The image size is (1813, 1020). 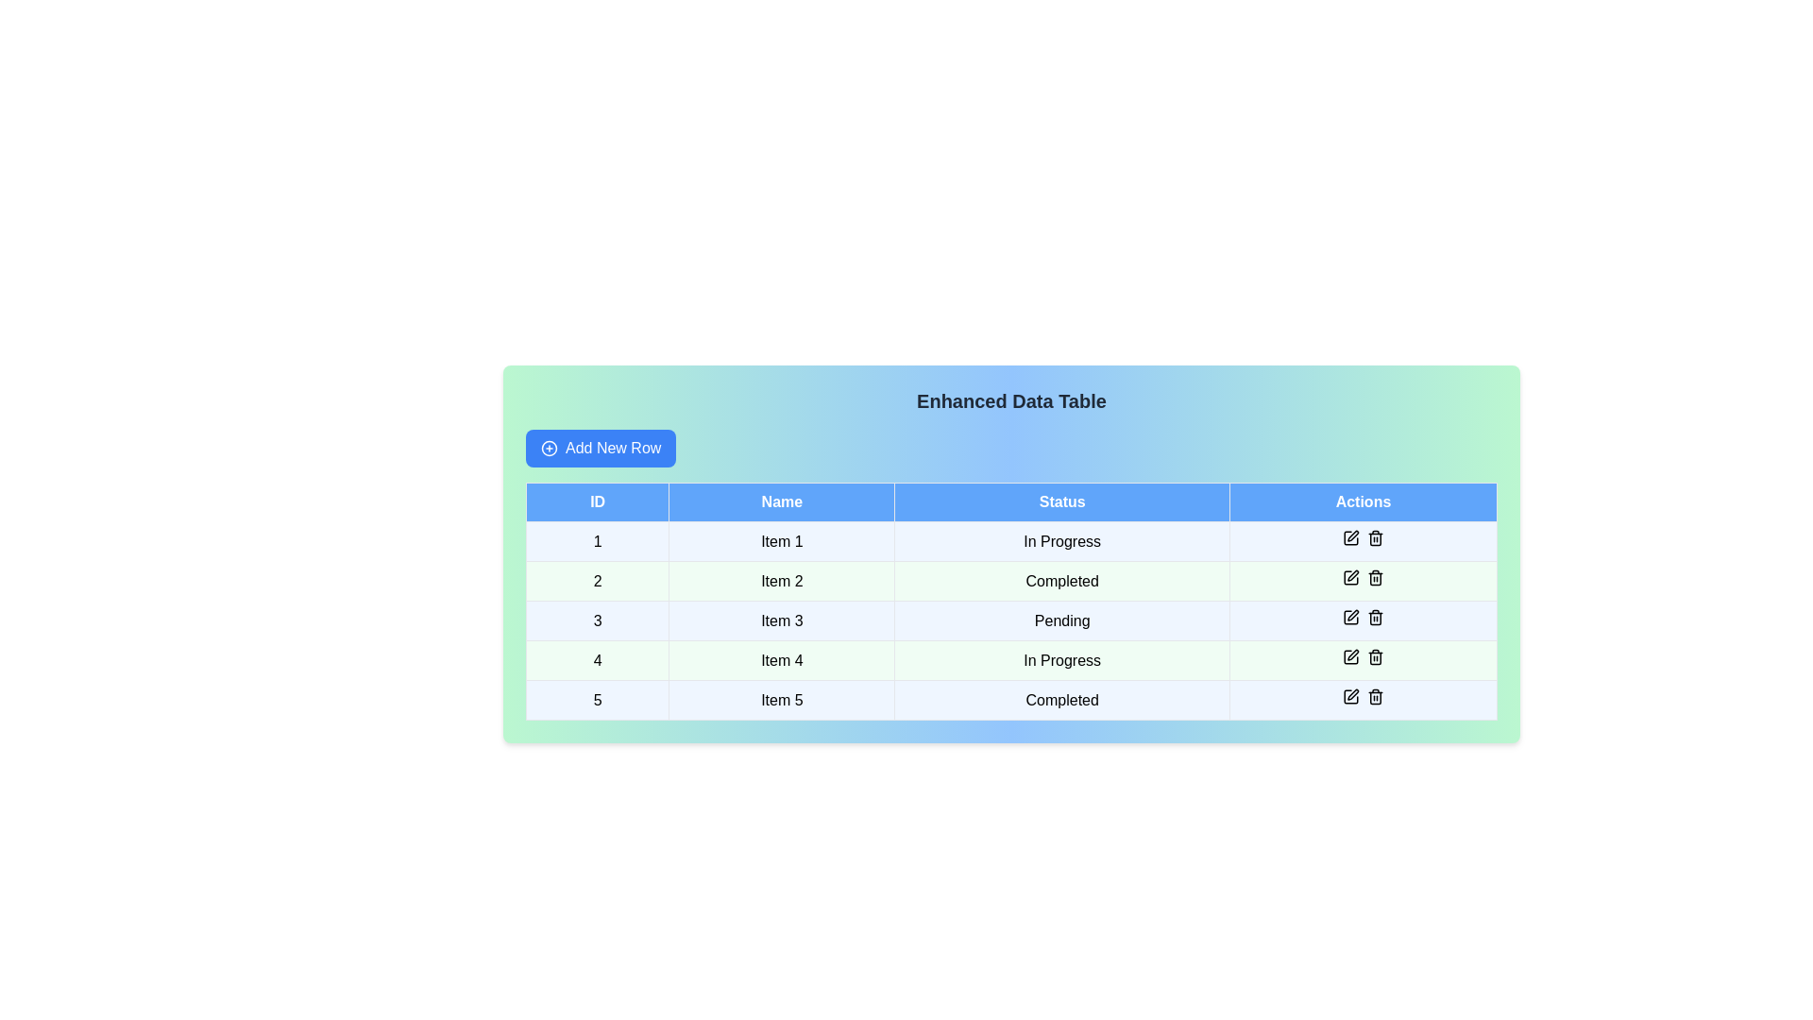 I want to click on the trash bin icon, which is a black minimalist design located in the 'Actions' column of the fourth row of the data table, so click(x=1375, y=577).